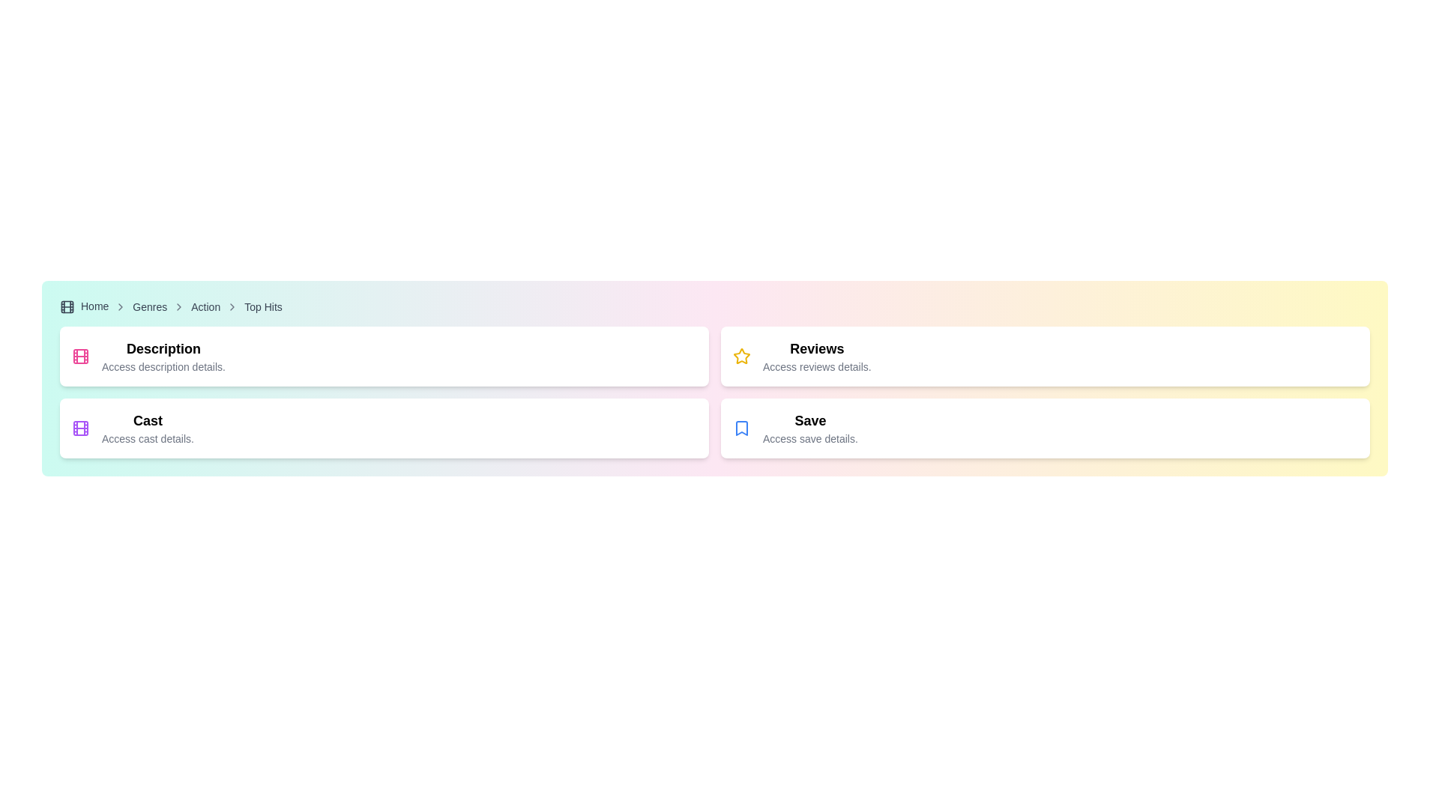 This screenshot has width=1439, height=809. I want to click on the 'Genres' link in the breadcrumb navigation bar, so click(150, 306).